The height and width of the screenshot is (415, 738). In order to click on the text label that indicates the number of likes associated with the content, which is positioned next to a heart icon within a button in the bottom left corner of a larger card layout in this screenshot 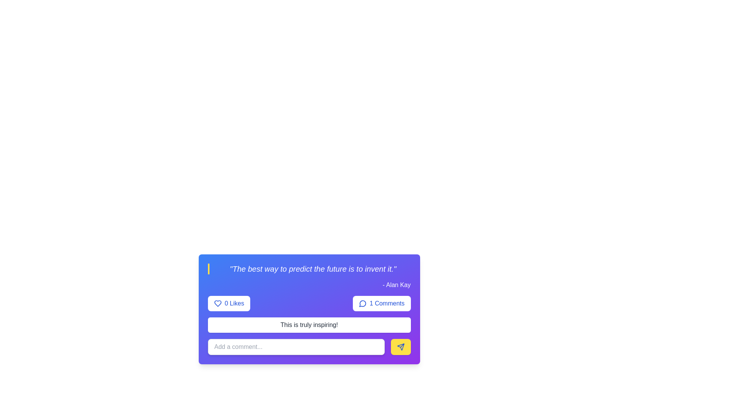, I will do `click(234, 303)`.